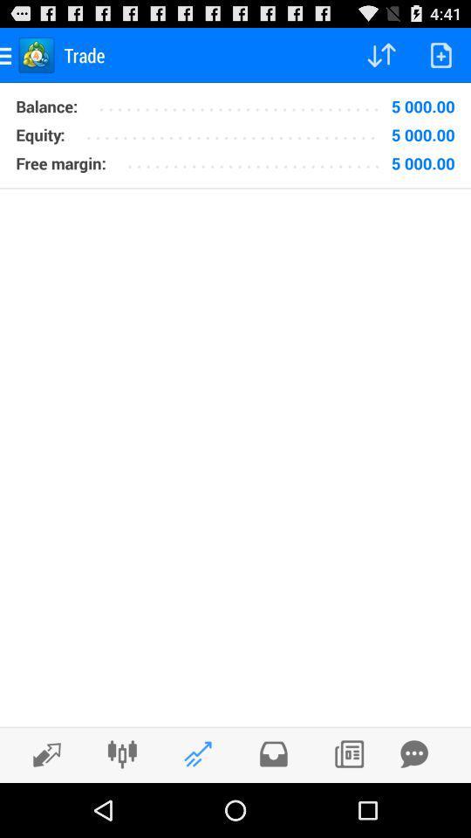 The height and width of the screenshot is (838, 471). Describe the element at coordinates (349, 753) in the screenshot. I see `trades` at that location.